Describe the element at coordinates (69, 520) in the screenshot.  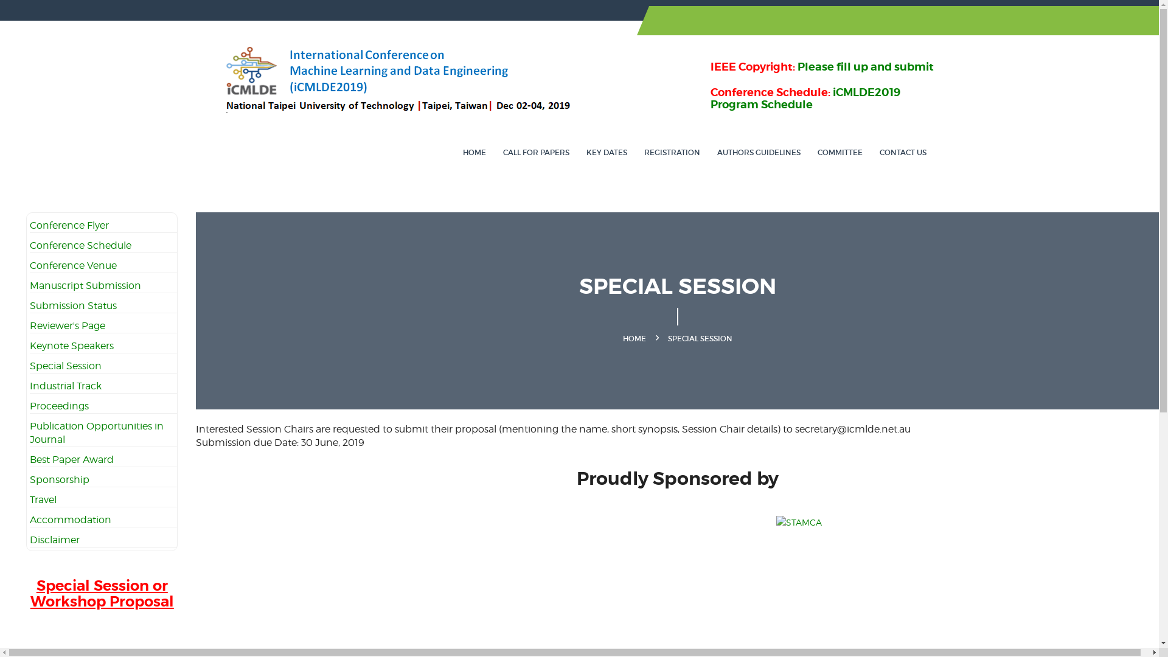
I see `'Accommodation'` at that location.